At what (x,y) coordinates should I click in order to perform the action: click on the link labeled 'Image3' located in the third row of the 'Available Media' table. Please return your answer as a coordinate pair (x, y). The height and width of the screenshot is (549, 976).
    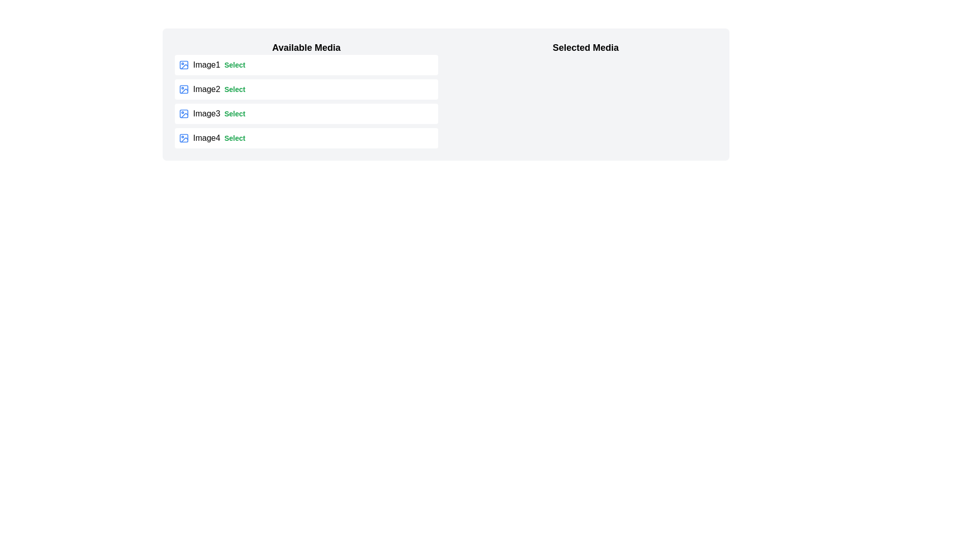
    Looking at the image, I should click on (234, 113).